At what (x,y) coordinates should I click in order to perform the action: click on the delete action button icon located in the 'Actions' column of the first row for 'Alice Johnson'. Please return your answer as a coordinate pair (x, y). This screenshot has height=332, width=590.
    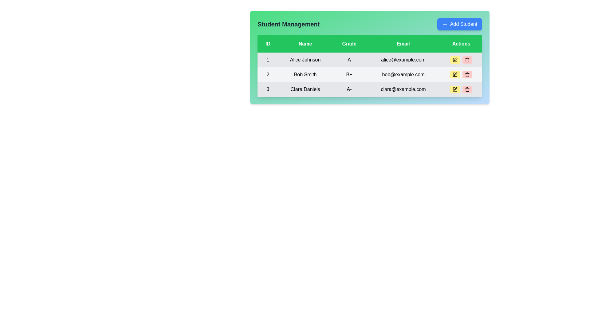
    Looking at the image, I should click on (467, 60).